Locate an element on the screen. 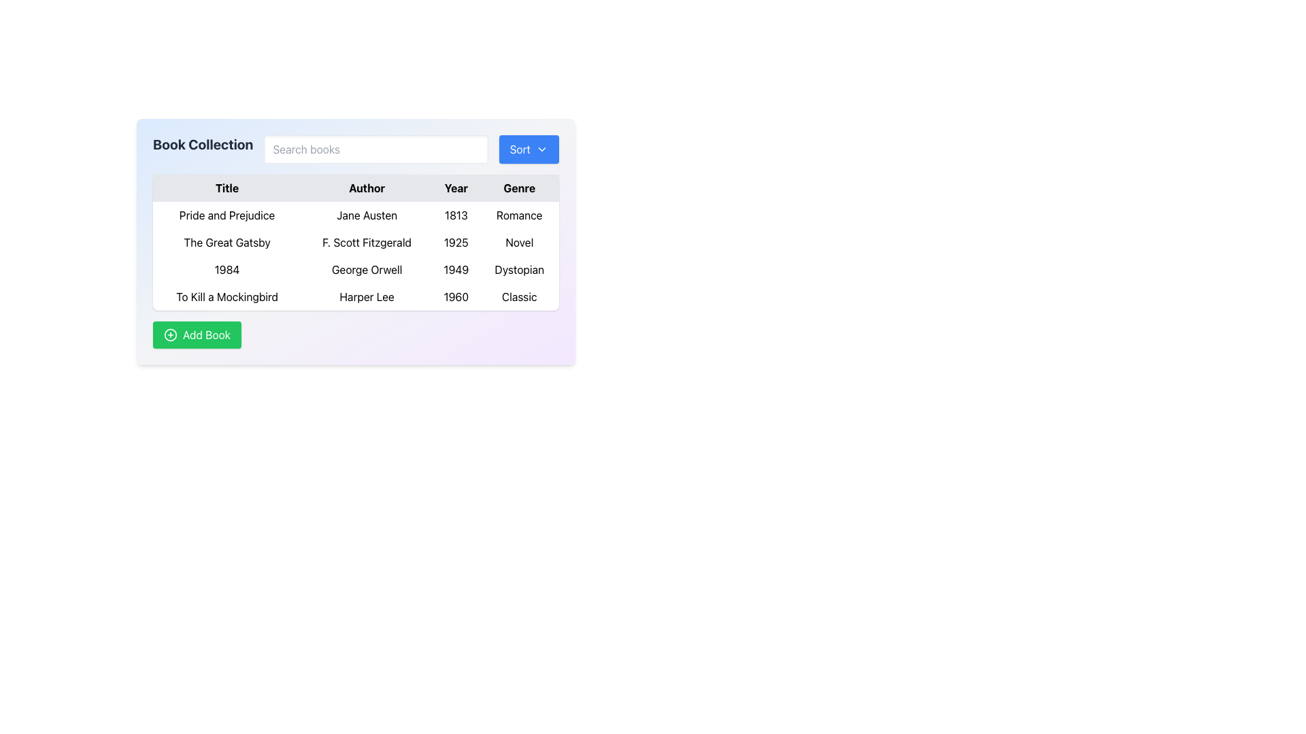 Image resolution: width=1306 pixels, height=734 pixels. the text display indicating the publication year (1813) of the book 'Pride and Prejudice' located in the 'Year' column of the table is located at coordinates (456, 214).